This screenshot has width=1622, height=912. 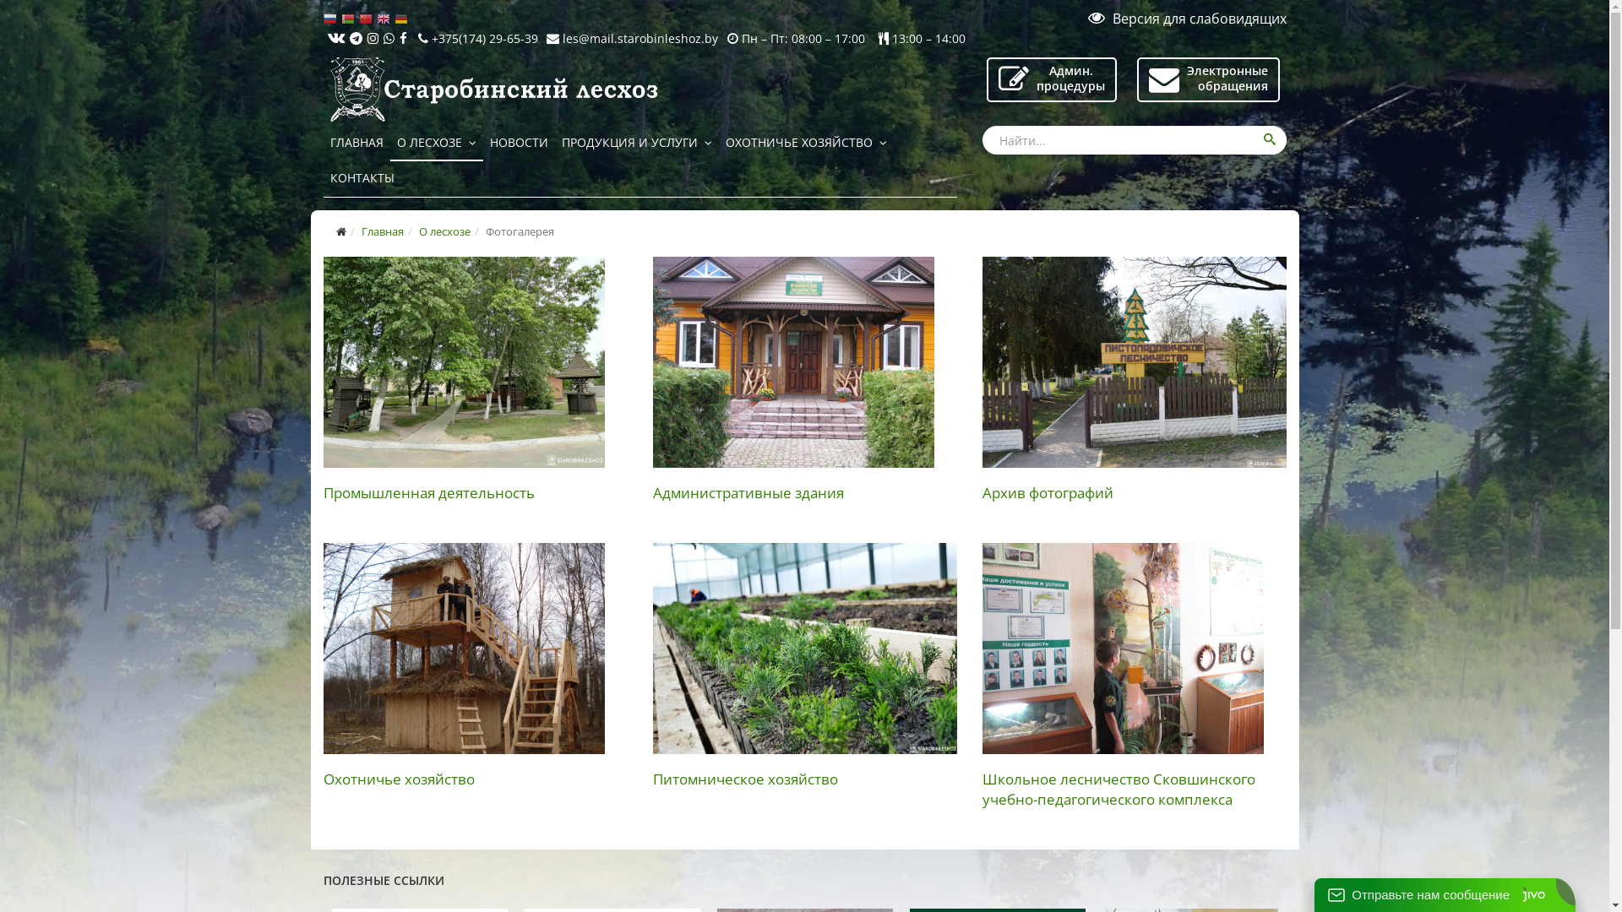 I want to click on 'Chinese (Simplified)', so click(x=366, y=18).